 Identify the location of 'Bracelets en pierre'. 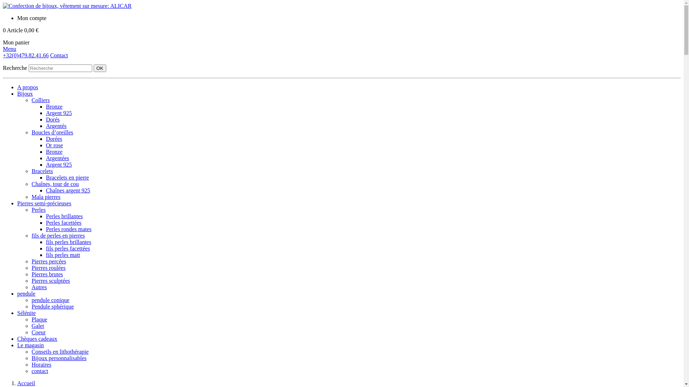
(67, 177).